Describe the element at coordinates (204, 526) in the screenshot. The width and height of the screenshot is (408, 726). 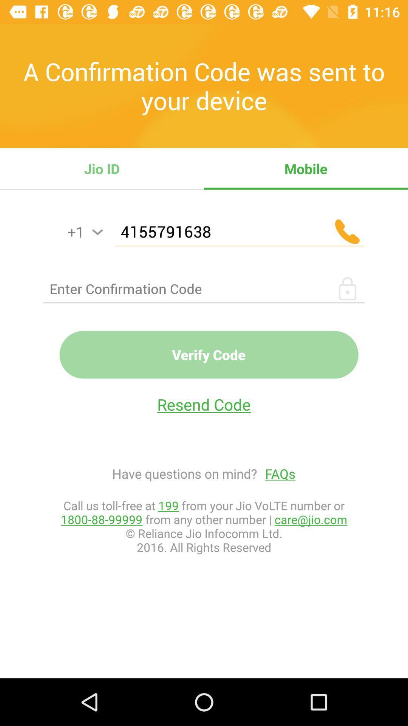
I see `the call us toll icon` at that location.